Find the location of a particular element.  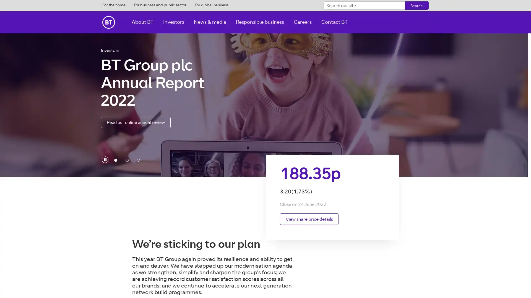

FY22 financial results is located at coordinates (138, 160).